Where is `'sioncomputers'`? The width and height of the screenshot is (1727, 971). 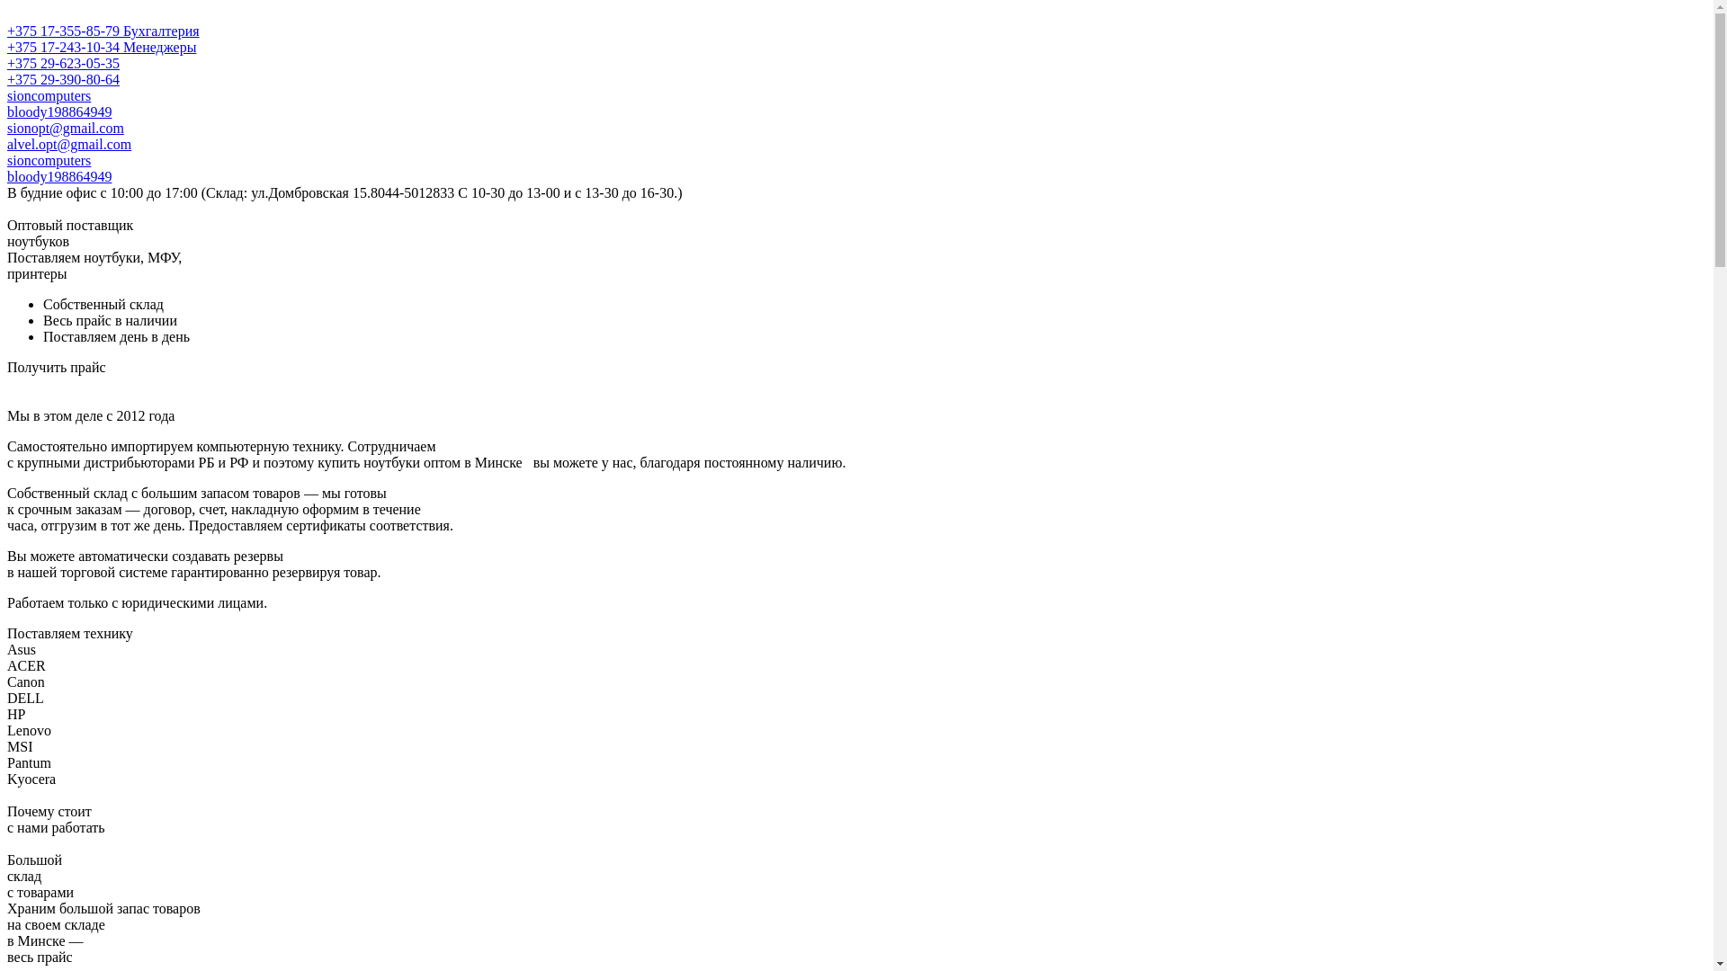
'sioncomputers' is located at coordinates (49, 159).